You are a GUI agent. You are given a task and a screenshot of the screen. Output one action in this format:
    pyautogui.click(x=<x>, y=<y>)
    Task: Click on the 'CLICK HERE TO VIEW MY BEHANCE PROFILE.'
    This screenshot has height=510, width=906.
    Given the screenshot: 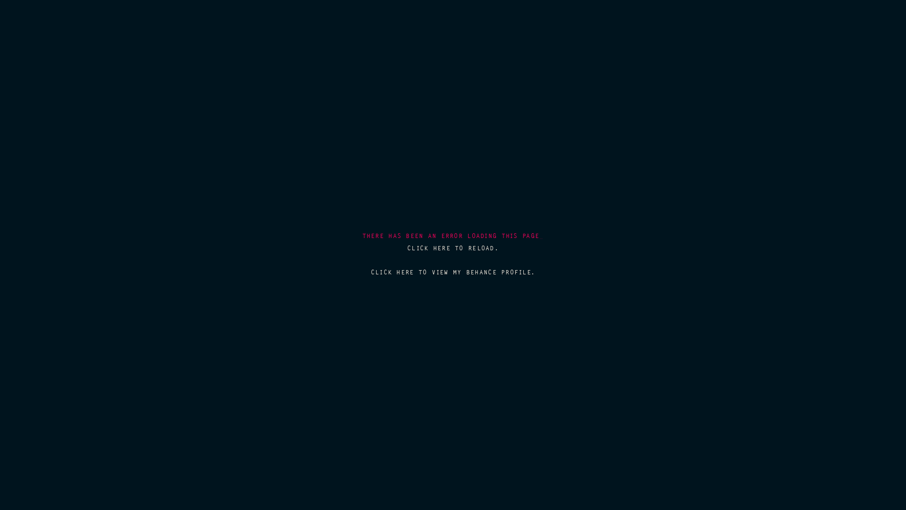 What is the action you would take?
    pyautogui.click(x=370, y=272)
    